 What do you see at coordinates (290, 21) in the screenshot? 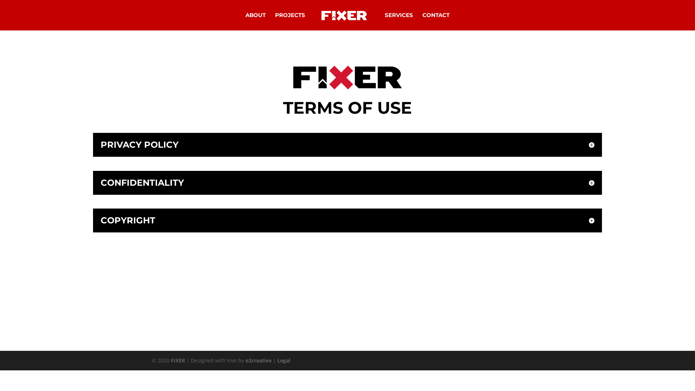
I see `'PROJECTS'` at bounding box center [290, 21].